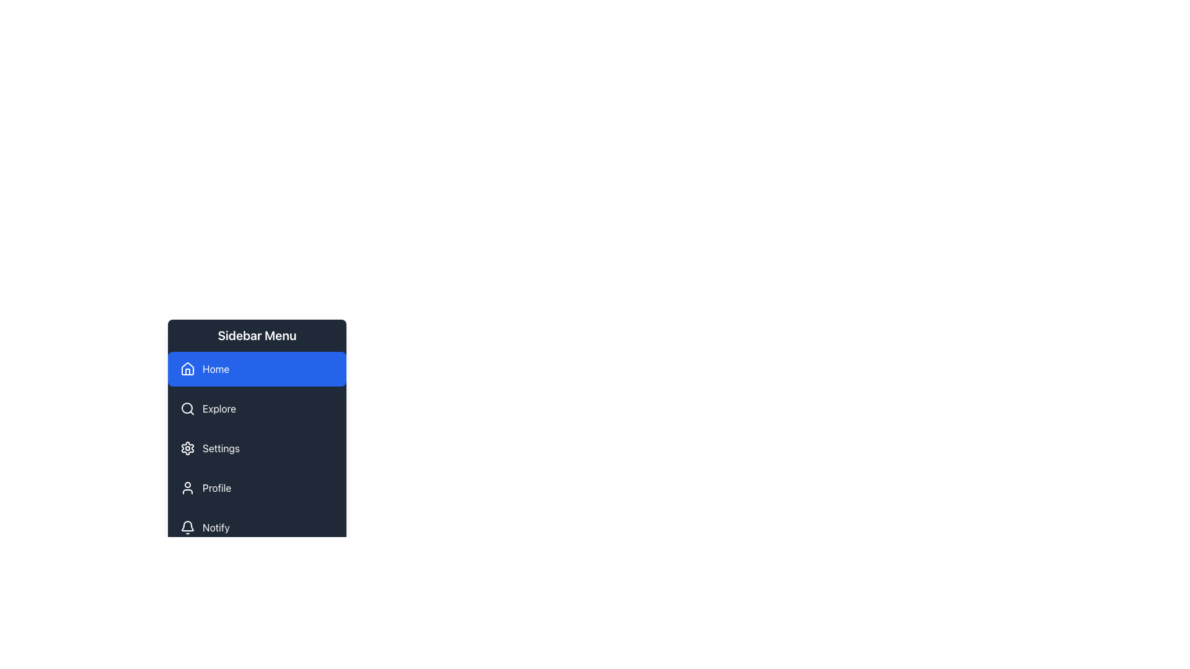 The image size is (1190, 669). Describe the element at coordinates (256, 408) in the screenshot. I see `the 'Explore' button in the sidebar menu` at that location.